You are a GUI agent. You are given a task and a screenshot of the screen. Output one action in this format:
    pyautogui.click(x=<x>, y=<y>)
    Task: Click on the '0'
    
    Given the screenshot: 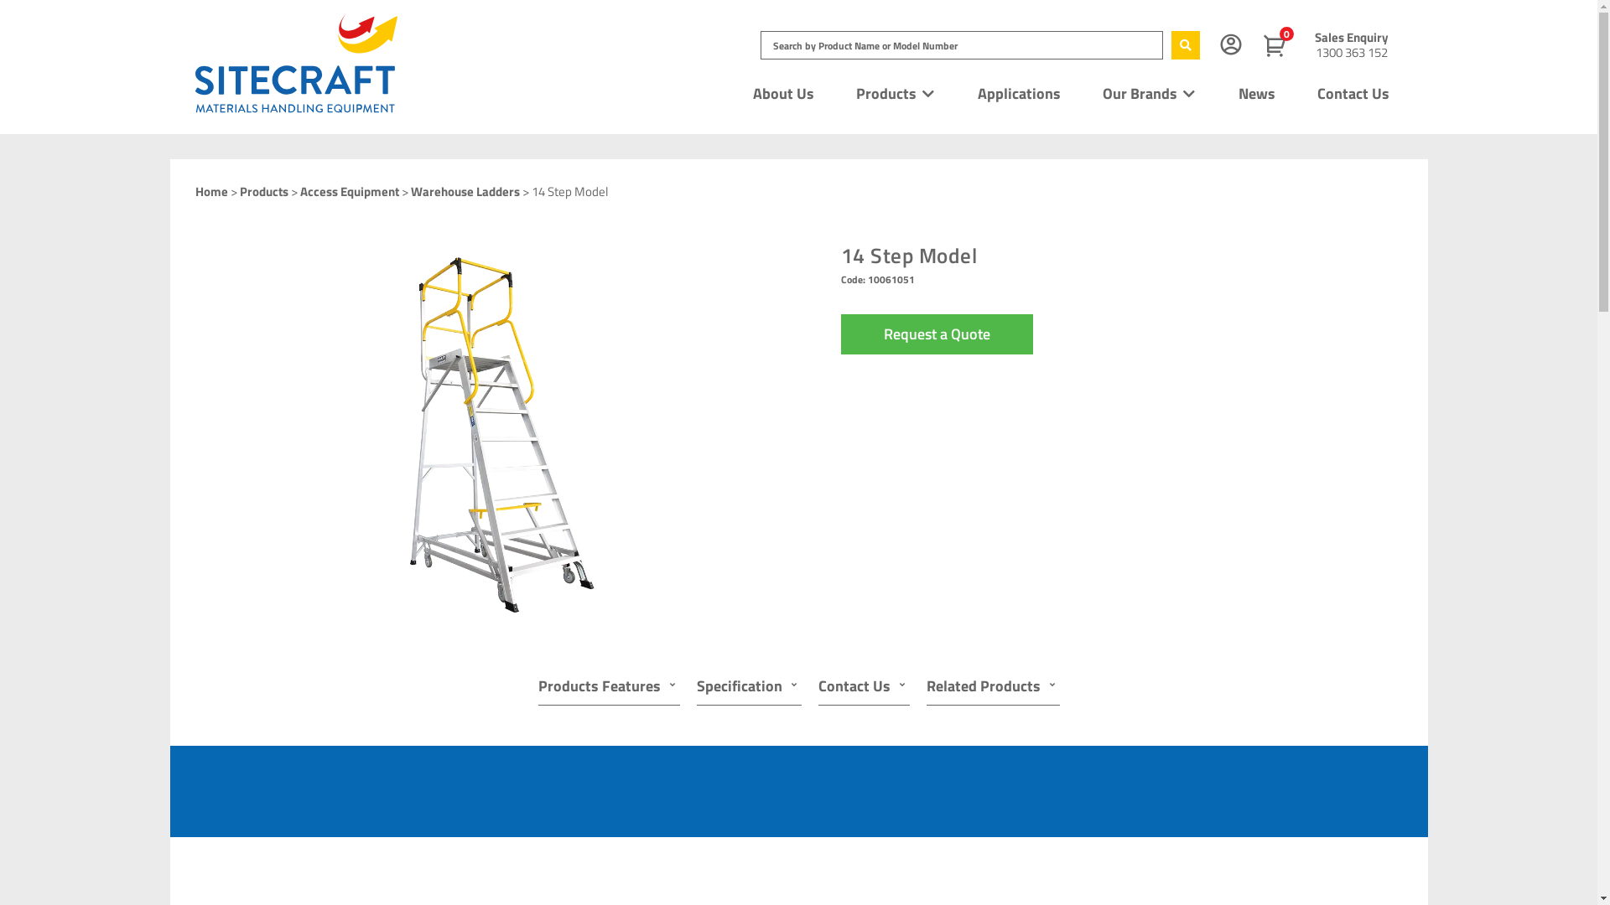 What is the action you would take?
    pyautogui.click(x=1277, y=45)
    